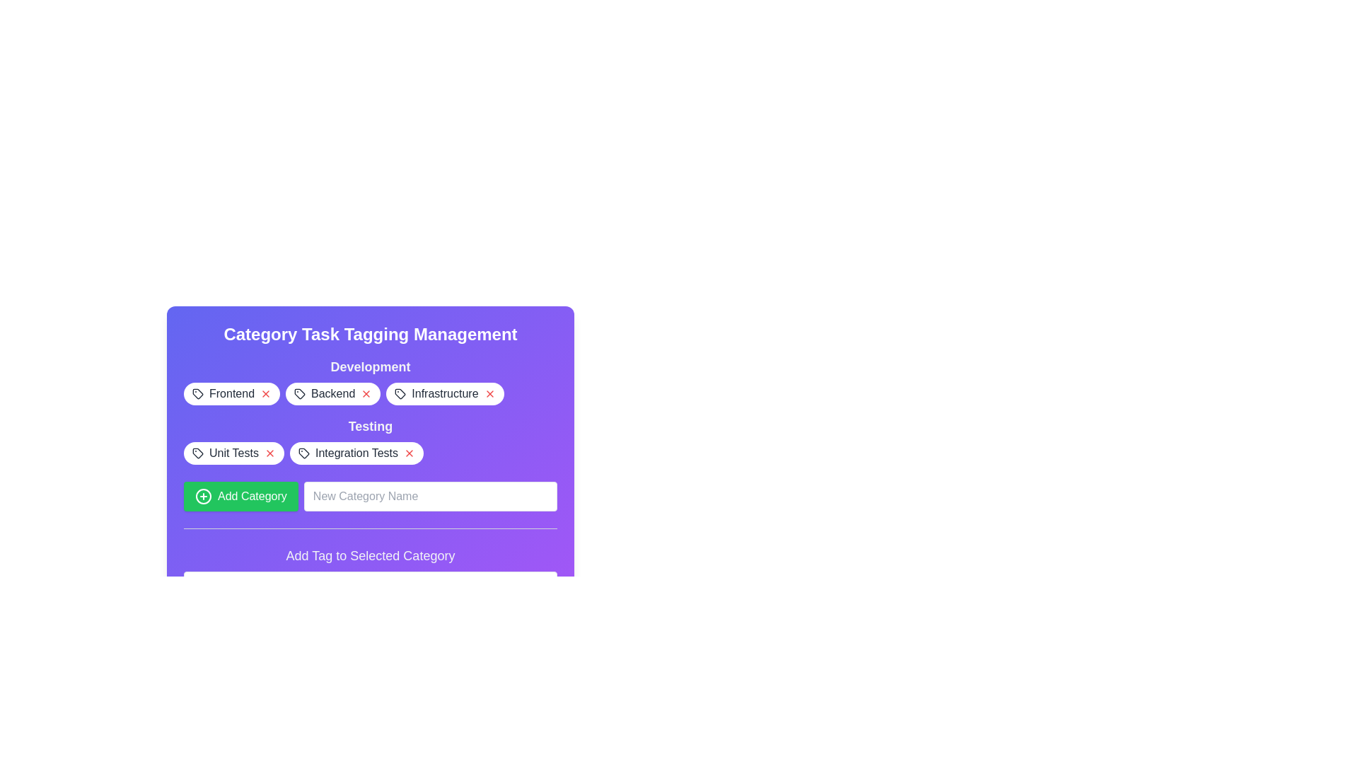 Image resolution: width=1358 pixels, height=764 pixels. Describe the element at coordinates (303, 453) in the screenshot. I see `the tag icon resembling a minimalistic tag with a black outline, located within the 'Integration Tests' label, positioned at the leftmost side before the text` at that location.